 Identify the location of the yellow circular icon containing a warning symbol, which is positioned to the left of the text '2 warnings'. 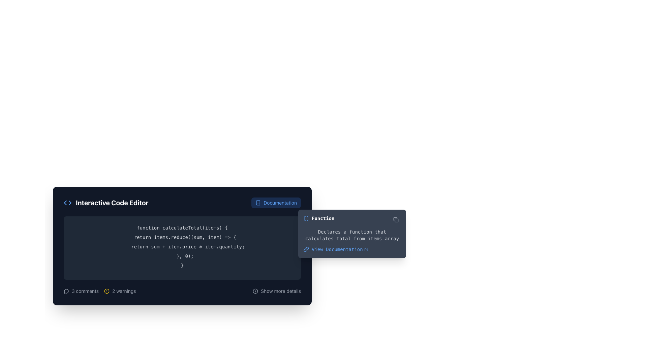
(106, 291).